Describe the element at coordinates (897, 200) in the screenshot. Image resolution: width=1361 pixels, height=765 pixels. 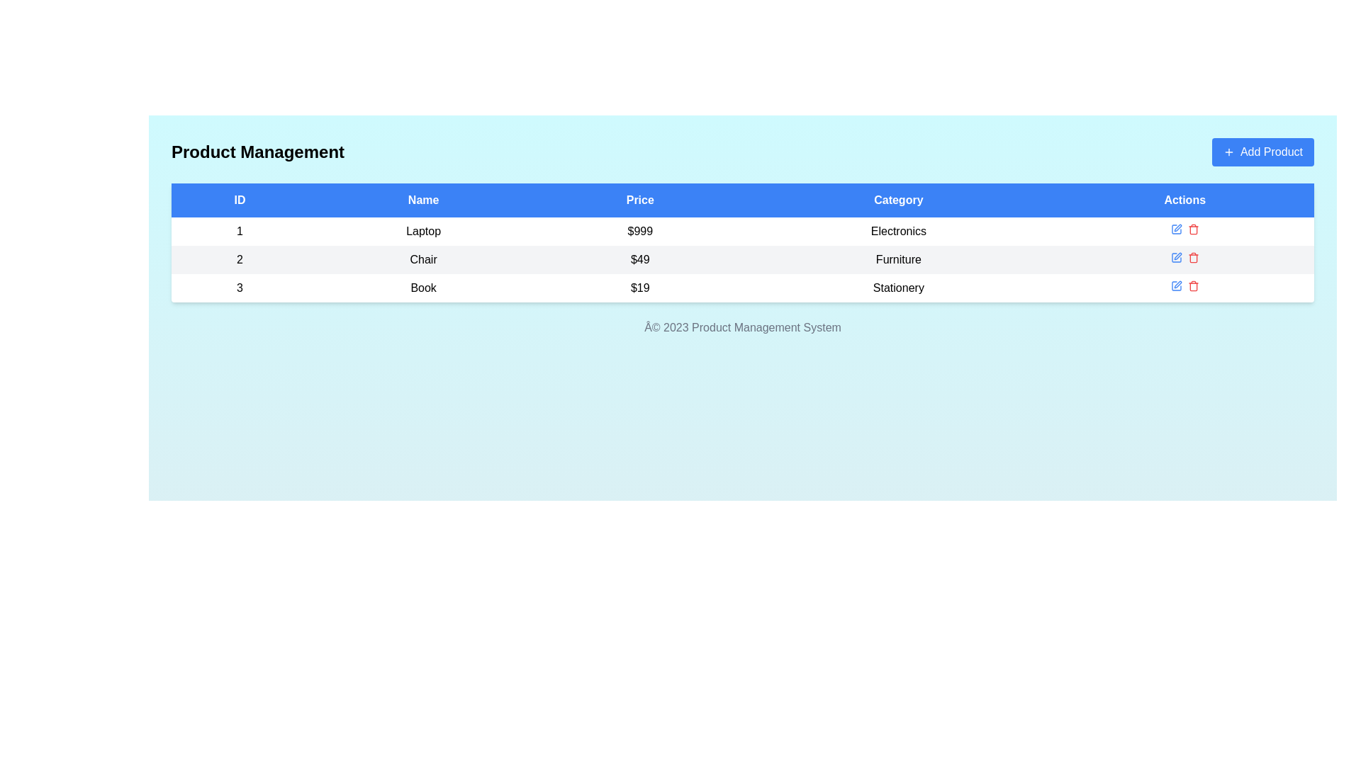
I see `the table header labeled 'Category', which is the fourth header in the table row, styled with centered white text on a blue background` at that location.